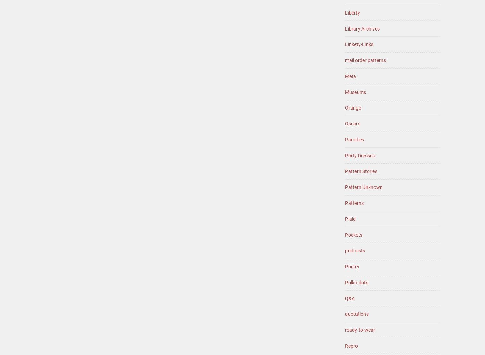  I want to click on 'Polka-dots', so click(345, 282).